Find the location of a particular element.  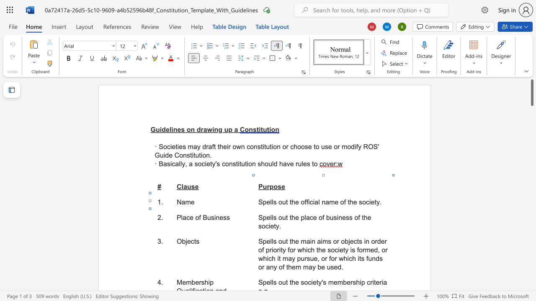

the space between the continuous character "a" and "c" in the text is located at coordinates (186, 217).